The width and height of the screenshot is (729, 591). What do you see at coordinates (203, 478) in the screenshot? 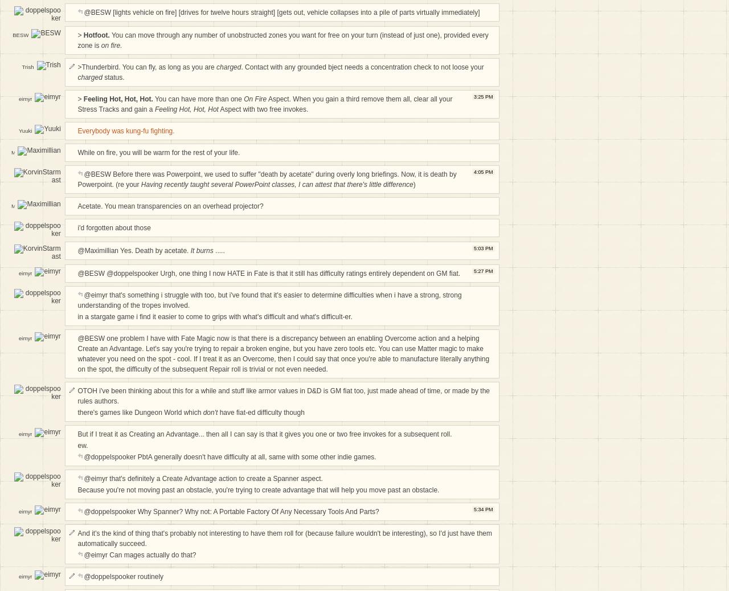
I see `'@eimyr that's definitely a Create Advantage action to create a Spanner aspect.'` at bounding box center [203, 478].